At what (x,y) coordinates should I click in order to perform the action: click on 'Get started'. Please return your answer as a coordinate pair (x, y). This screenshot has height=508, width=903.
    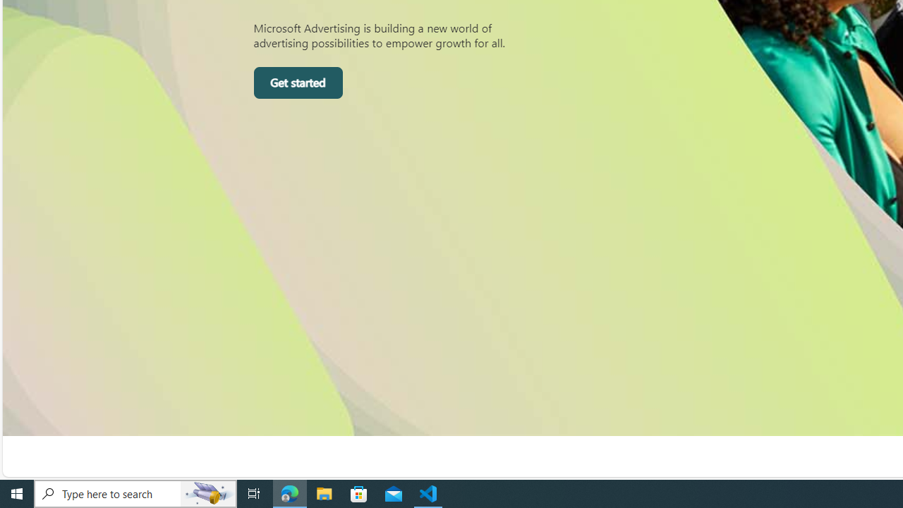
    Looking at the image, I should click on (297, 83).